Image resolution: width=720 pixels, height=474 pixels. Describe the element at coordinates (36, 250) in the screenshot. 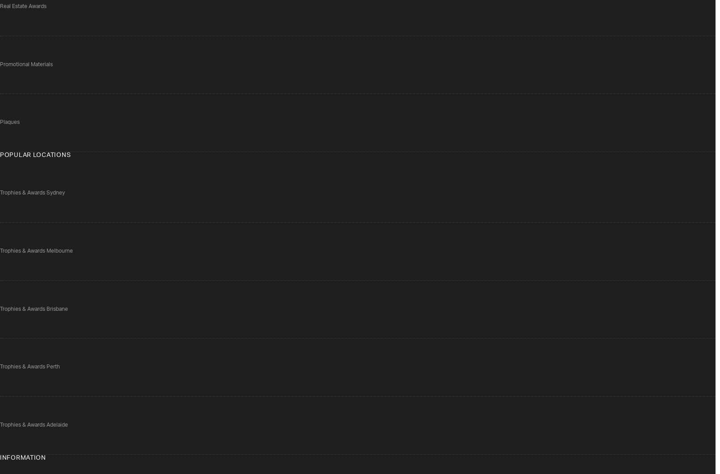

I see `'Trophies & Awards Melbourne'` at that location.